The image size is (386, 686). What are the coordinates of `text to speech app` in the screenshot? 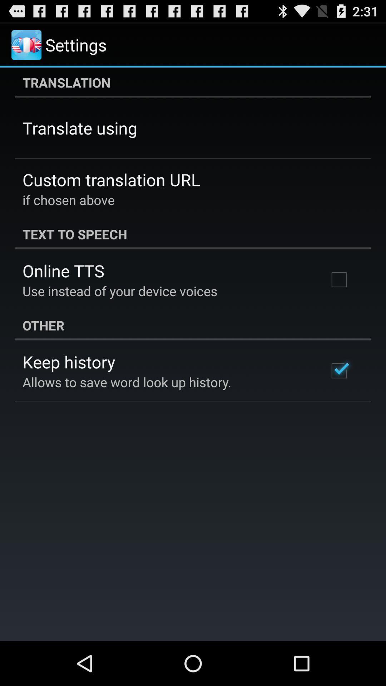 It's located at (193, 234).